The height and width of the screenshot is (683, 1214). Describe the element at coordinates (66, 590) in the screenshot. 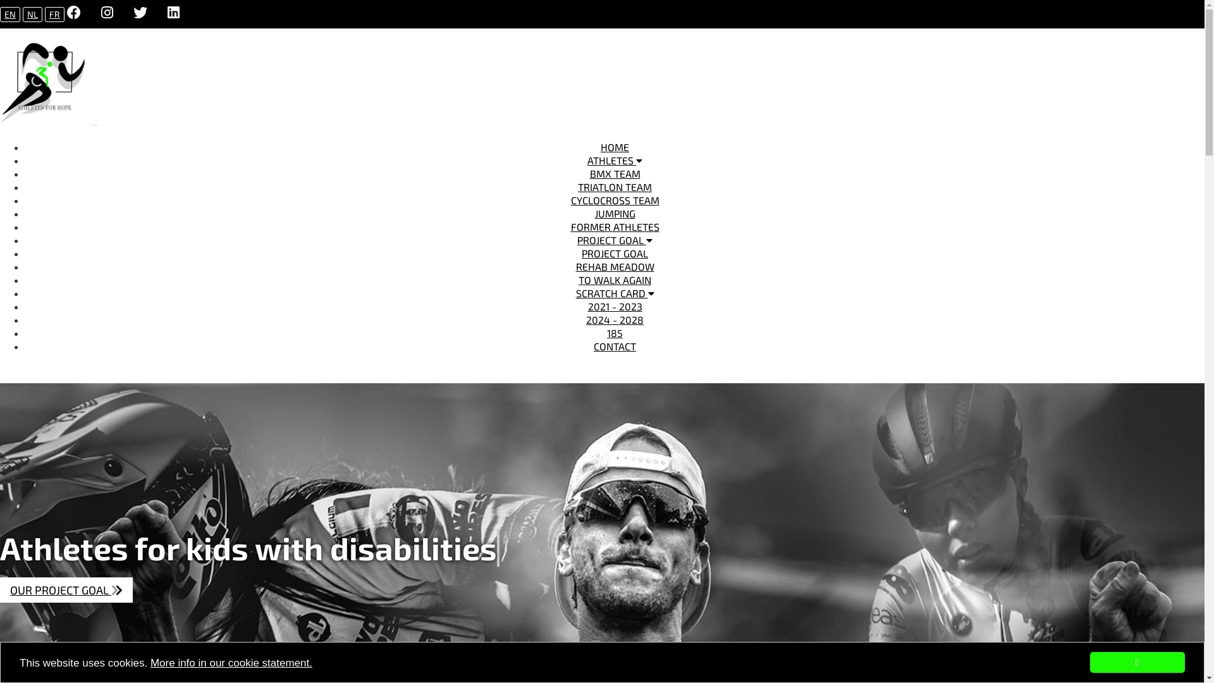

I see `'OUR PROJECT GOAL '` at that location.